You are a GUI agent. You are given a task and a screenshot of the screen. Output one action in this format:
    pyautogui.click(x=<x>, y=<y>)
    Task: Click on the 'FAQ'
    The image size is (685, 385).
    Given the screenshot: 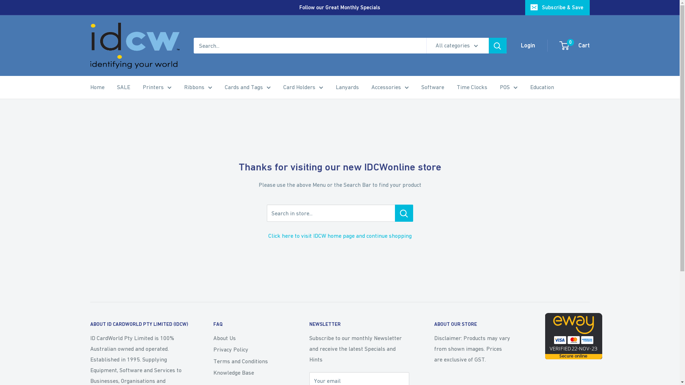 What is the action you would take?
    pyautogui.click(x=249, y=324)
    